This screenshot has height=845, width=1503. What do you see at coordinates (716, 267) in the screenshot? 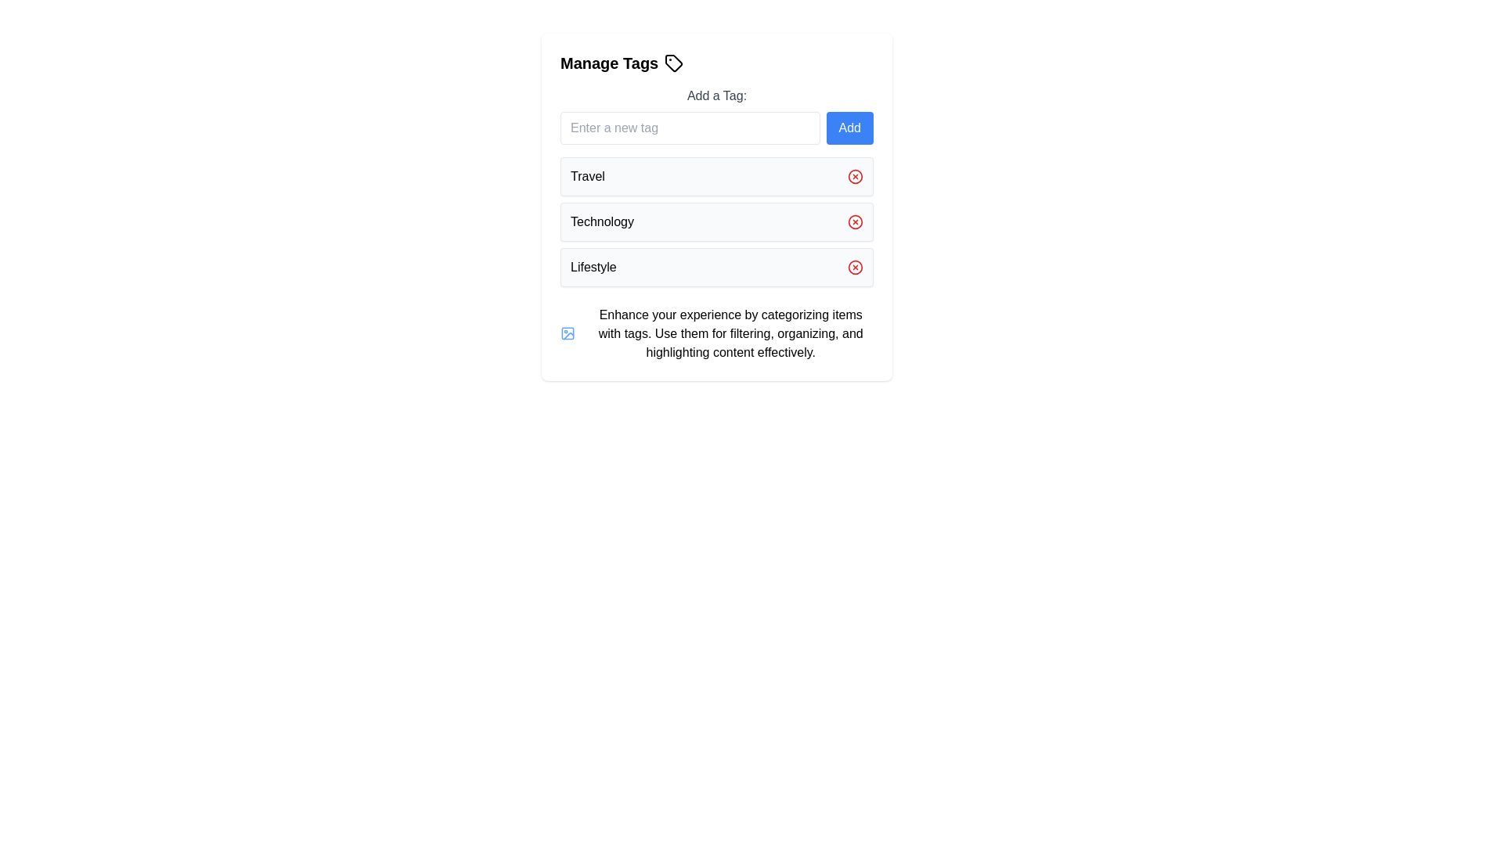
I see `the 'Lifestyle' section, which is the third item in the list with a light gray background and a red 'X' icon, to potentially reveal further interactions` at bounding box center [716, 267].